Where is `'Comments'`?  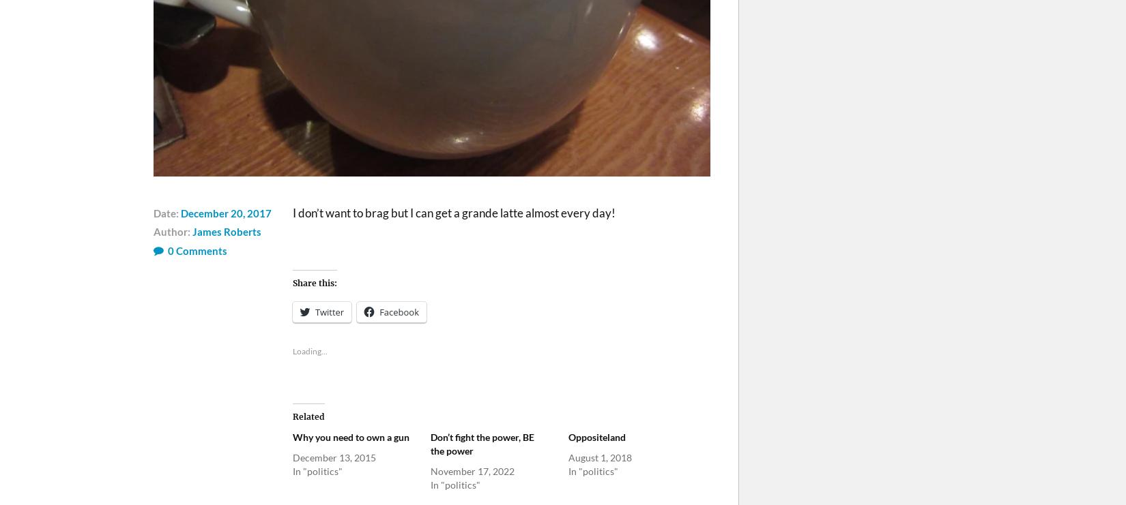 'Comments' is located at coordinates (201, 249).